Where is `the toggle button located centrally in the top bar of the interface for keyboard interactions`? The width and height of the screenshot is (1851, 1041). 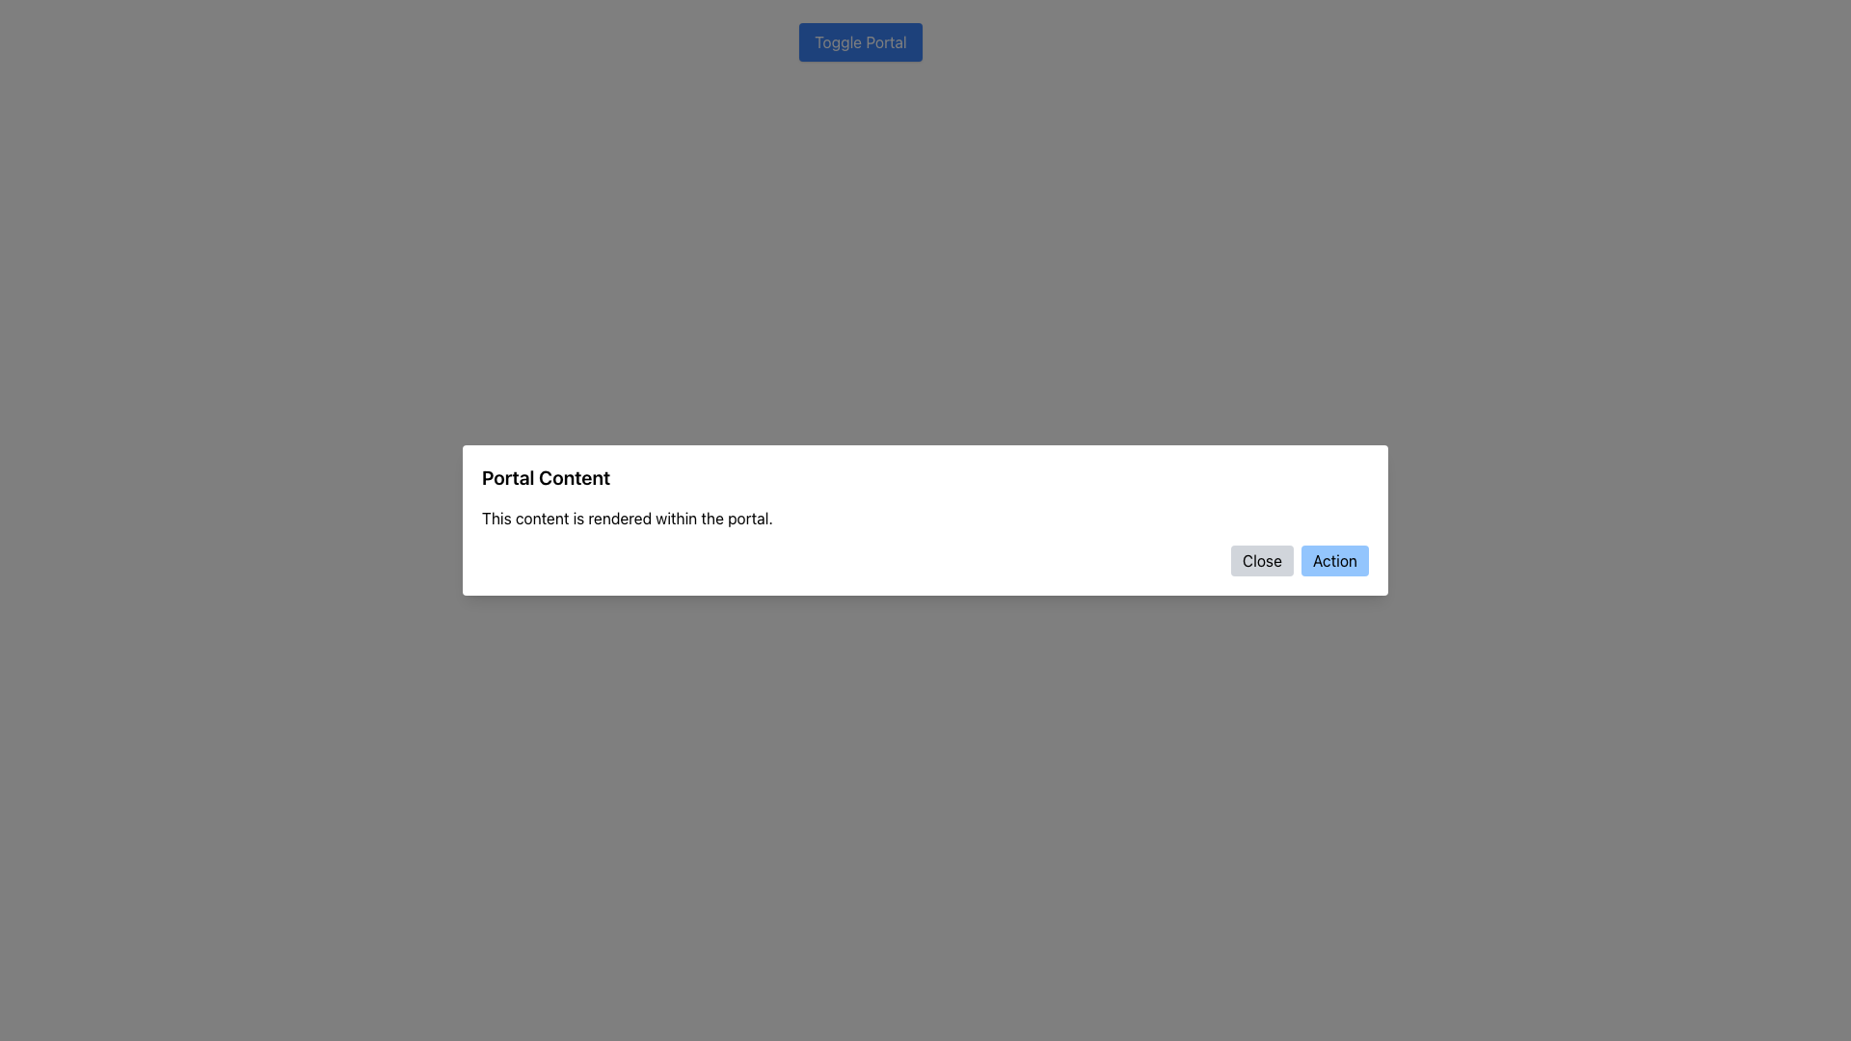 the toggle button located centrally in the top bar of the interface for keyboard interactions is located at coordinates (859, 41).